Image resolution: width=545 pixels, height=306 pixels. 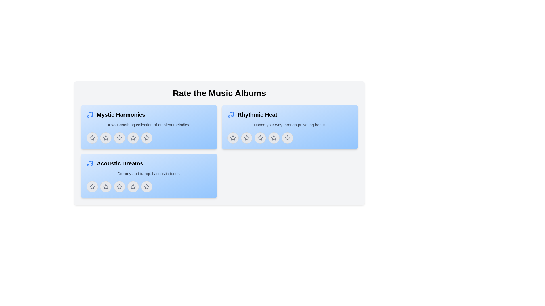 What do you see at coordinates (230, 115) in the screenshot?
I see `the 'Rhythmic Heat' music album icon, represented by a music note, located at the top-right of the interface` at bounding box center [230, 115].